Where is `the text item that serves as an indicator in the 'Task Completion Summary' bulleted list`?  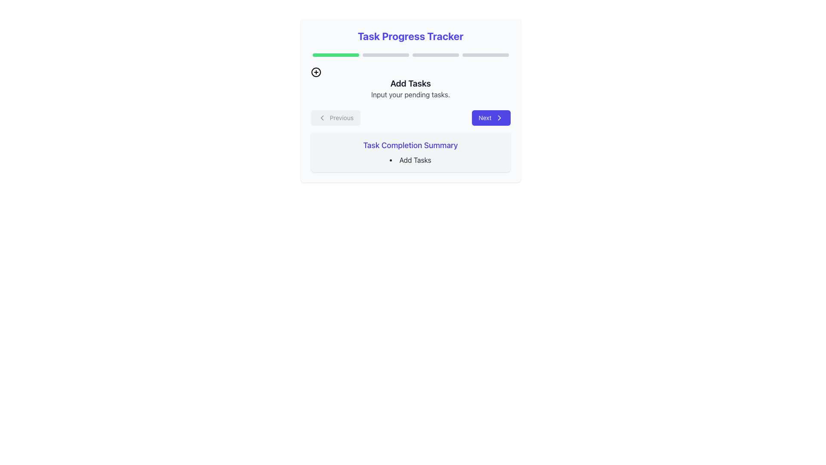
the text item that serves as an indicator in the 'Task Completion Summary' bulleted list is located at coordinates (410, 160).